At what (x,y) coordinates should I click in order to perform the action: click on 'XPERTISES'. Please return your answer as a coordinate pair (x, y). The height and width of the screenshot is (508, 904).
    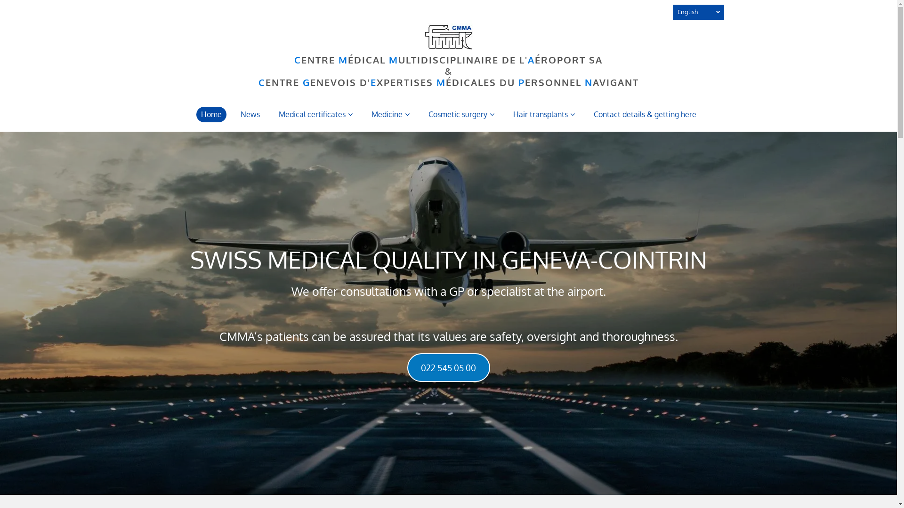
    Looking at the image, I should click on (377, 81).